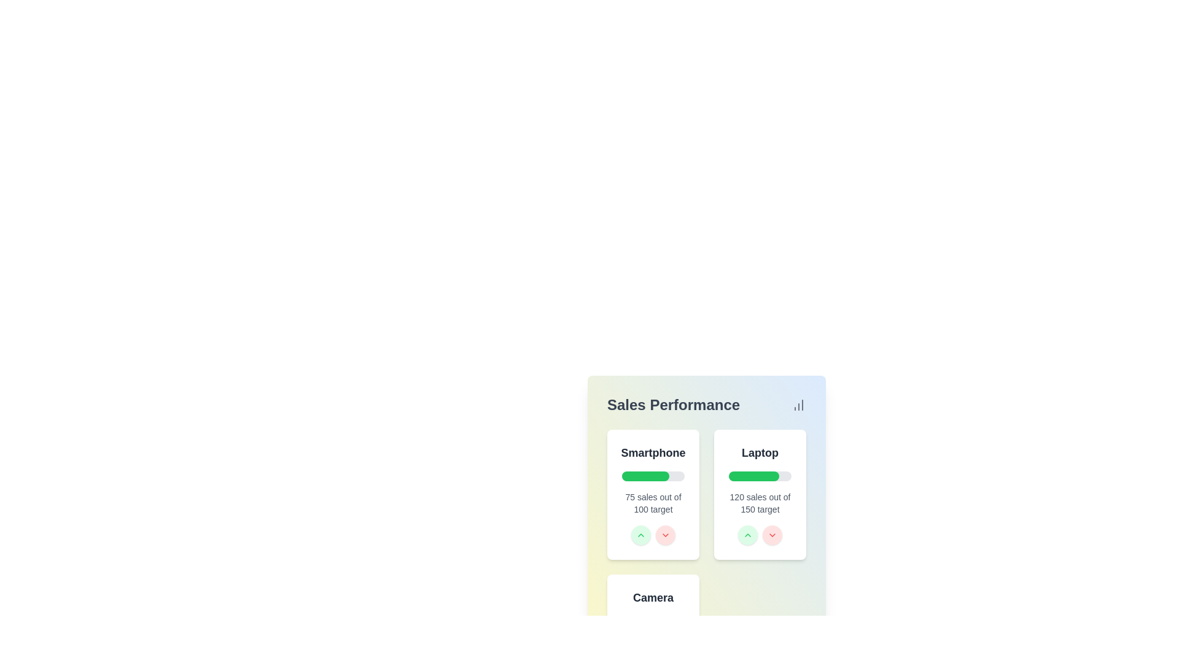 Image resolution: width=1179 pixels, height=663 pixels. I want to click on the text label that identifies the product 'Laptop' at the top-center of the sales statistics card in the 'Sales Performance' section, so click(760, 452).